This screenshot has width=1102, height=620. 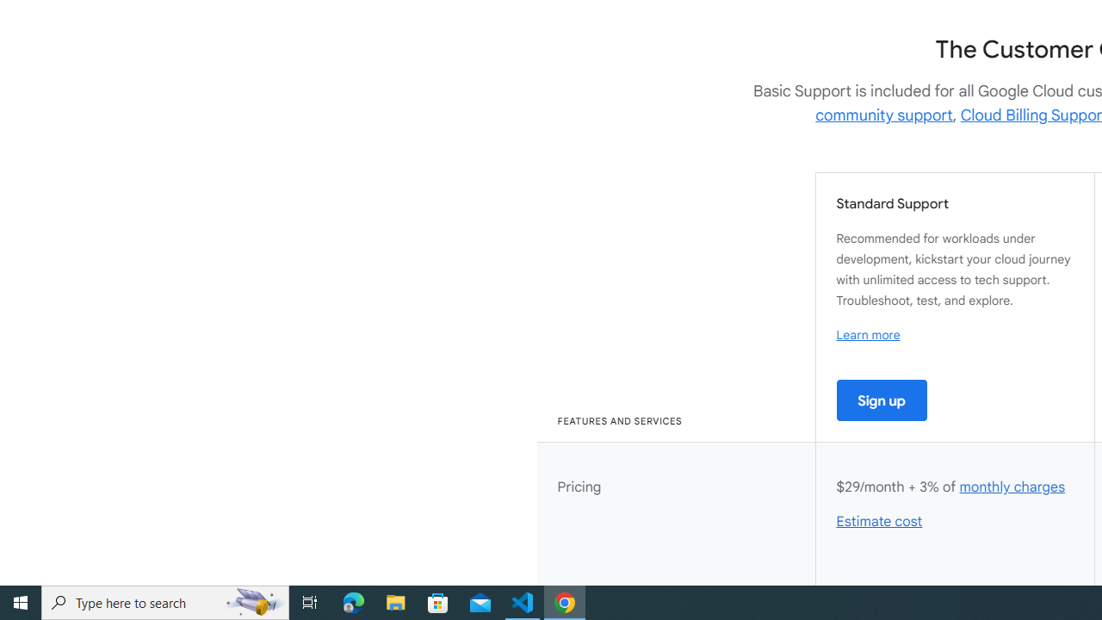 What do you see at coordinates (884, 115) in the screenshot?
I see `'community support'` at bounding box center [884, 115].